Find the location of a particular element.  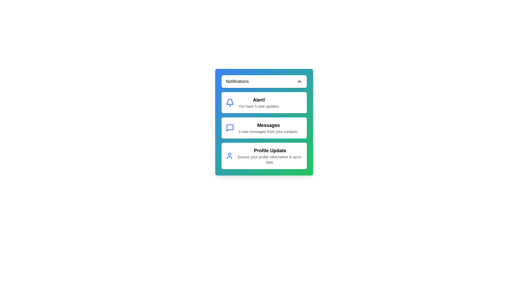

the notification titled 'Profile Update' to select it is located at coordinates (264, 155).